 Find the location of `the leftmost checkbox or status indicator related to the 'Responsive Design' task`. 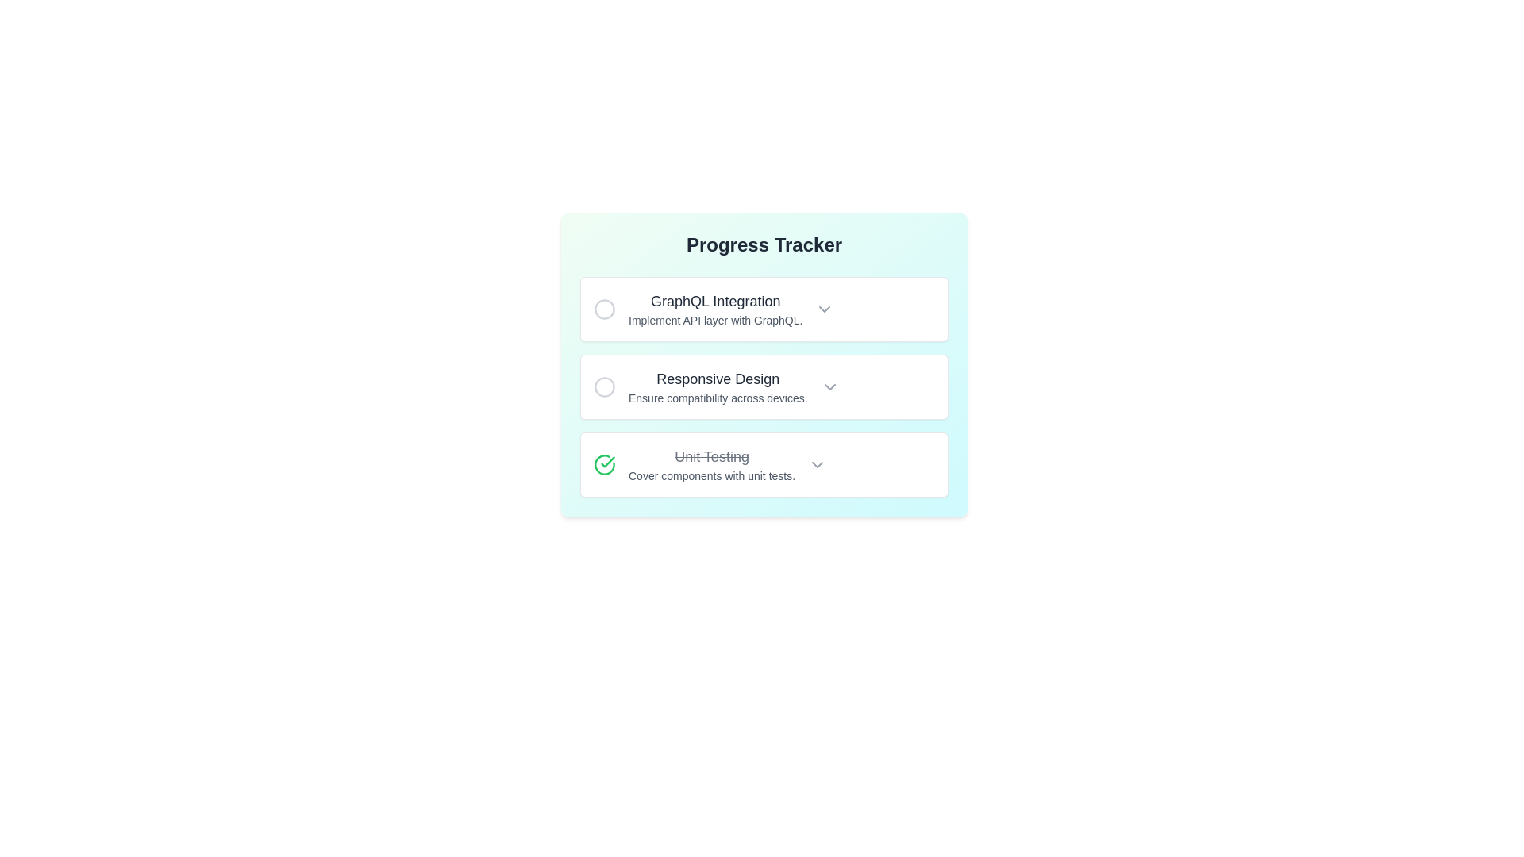

the leftmost checkbox or status indicator related to the 'Responsive Design' task is located at coordinates (604, 387).